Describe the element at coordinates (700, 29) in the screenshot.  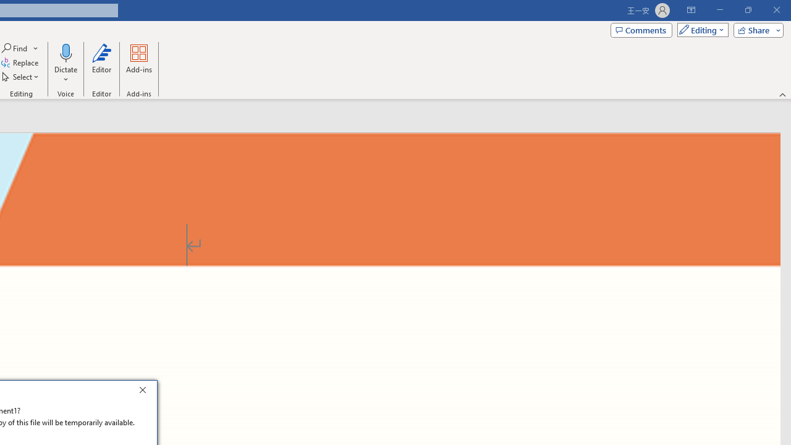
I see `'Mode'` at that location.